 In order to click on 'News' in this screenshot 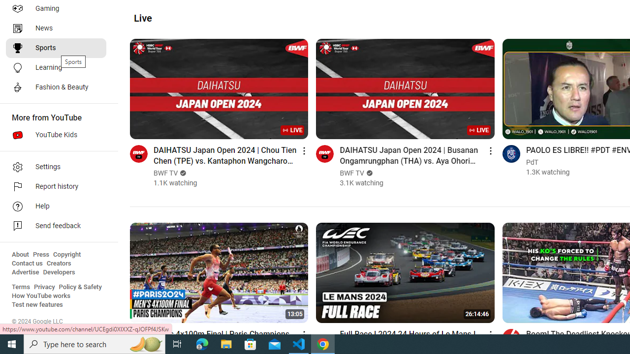, I will do `click(55, 28)`.